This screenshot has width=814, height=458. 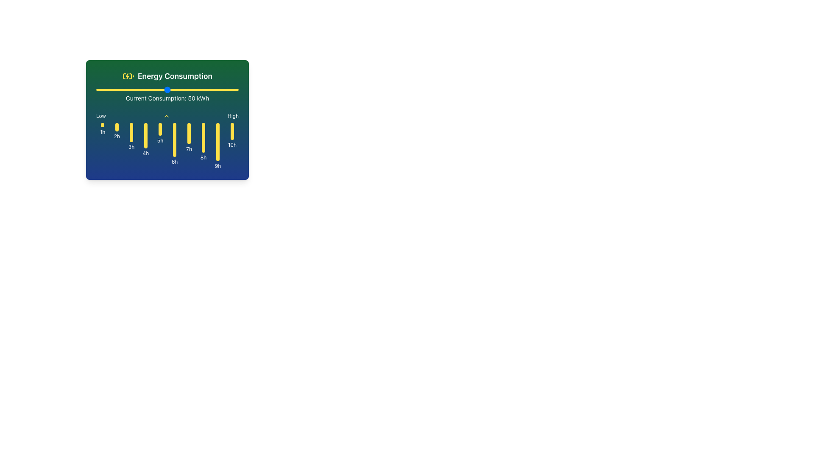 I want to click on the vertically oriented oval-shaped Visualization bar with a yellow background, positioned at the seventh location among similar bars, above the label '7h', so click(x=189, y=134).